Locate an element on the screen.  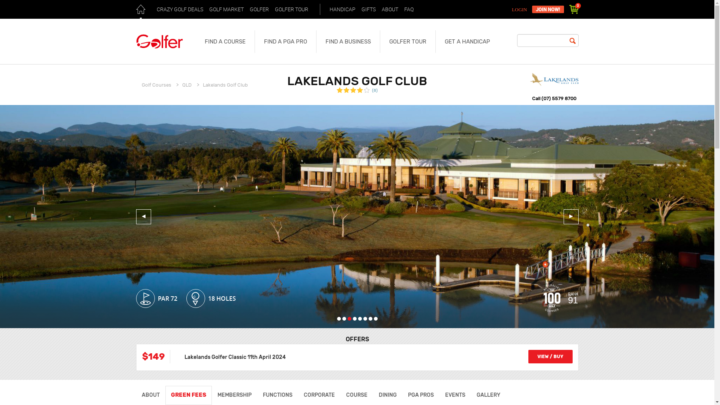
'7' is located at coordinates (368, 318).